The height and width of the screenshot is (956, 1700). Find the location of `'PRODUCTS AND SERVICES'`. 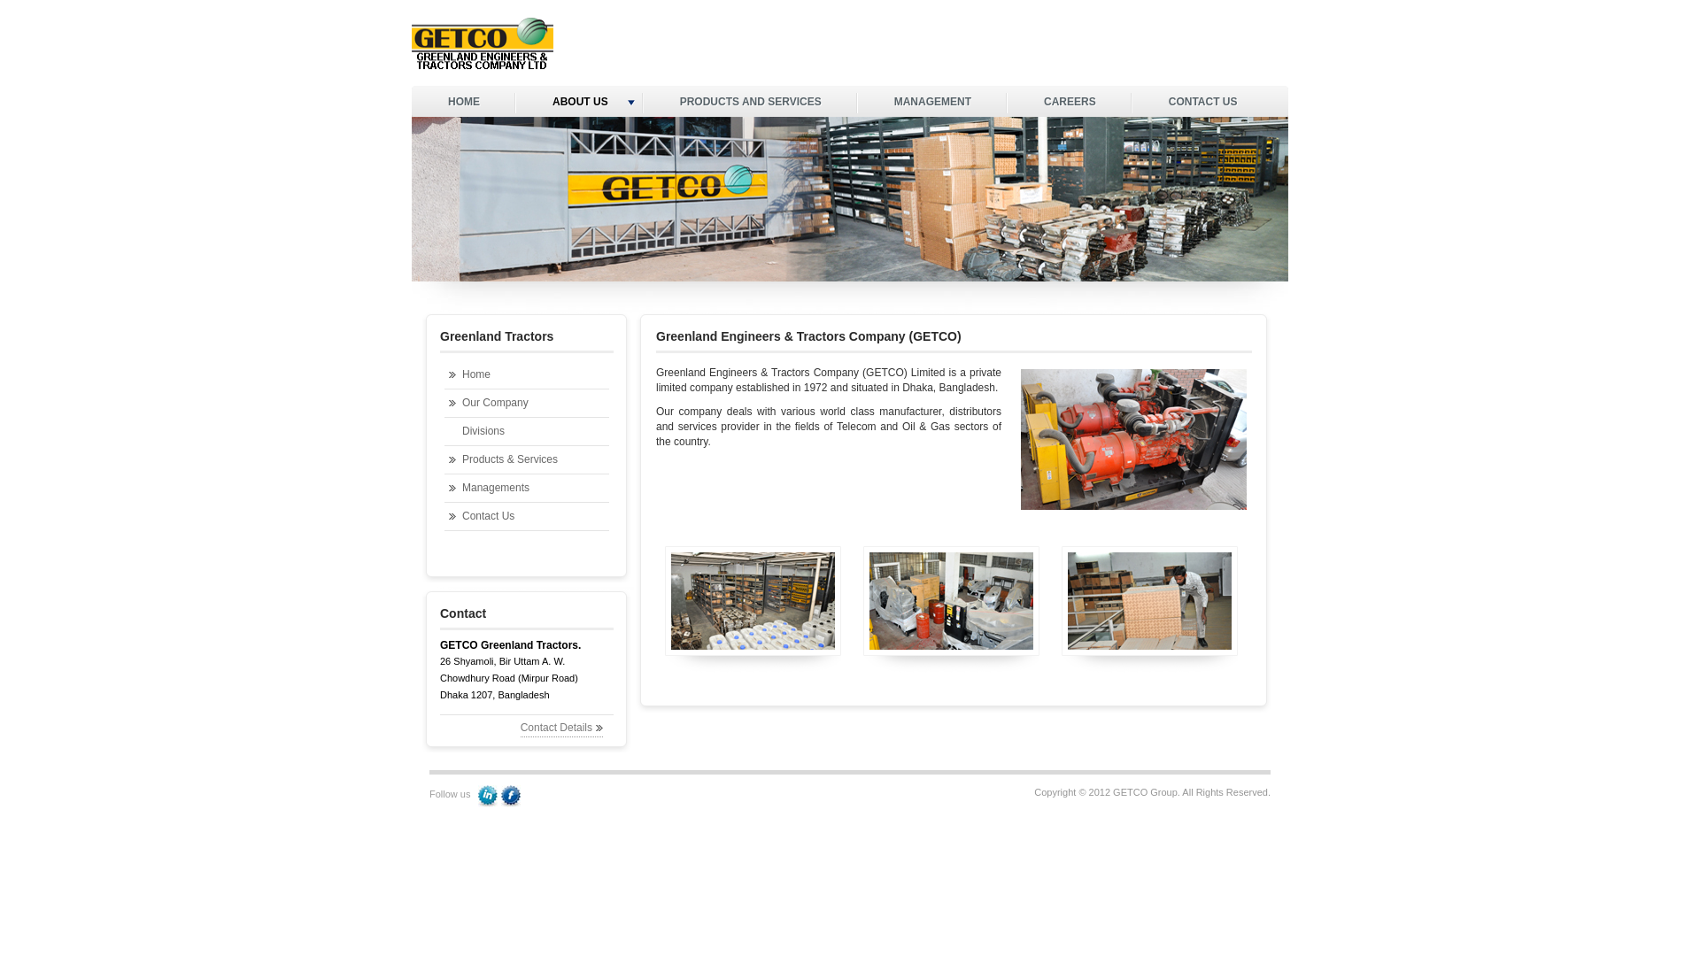

'PRODUCTS AND SERVICES' is located at coordinates (751, 103).